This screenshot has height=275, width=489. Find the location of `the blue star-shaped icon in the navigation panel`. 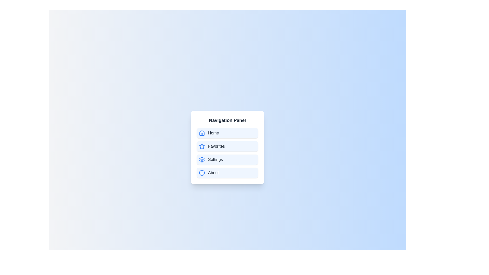

the blue star-shaped icon in the navigation panel is located at coordinates (201, 146).